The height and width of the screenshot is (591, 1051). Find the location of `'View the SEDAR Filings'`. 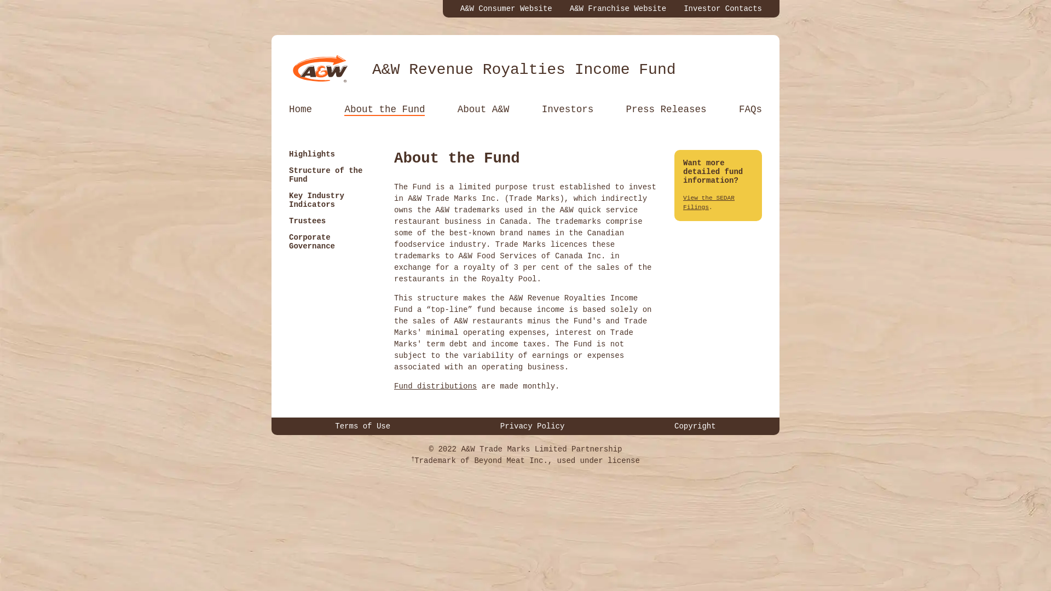

'View the SEDAR Filings' is located at coordinates (709, 202).